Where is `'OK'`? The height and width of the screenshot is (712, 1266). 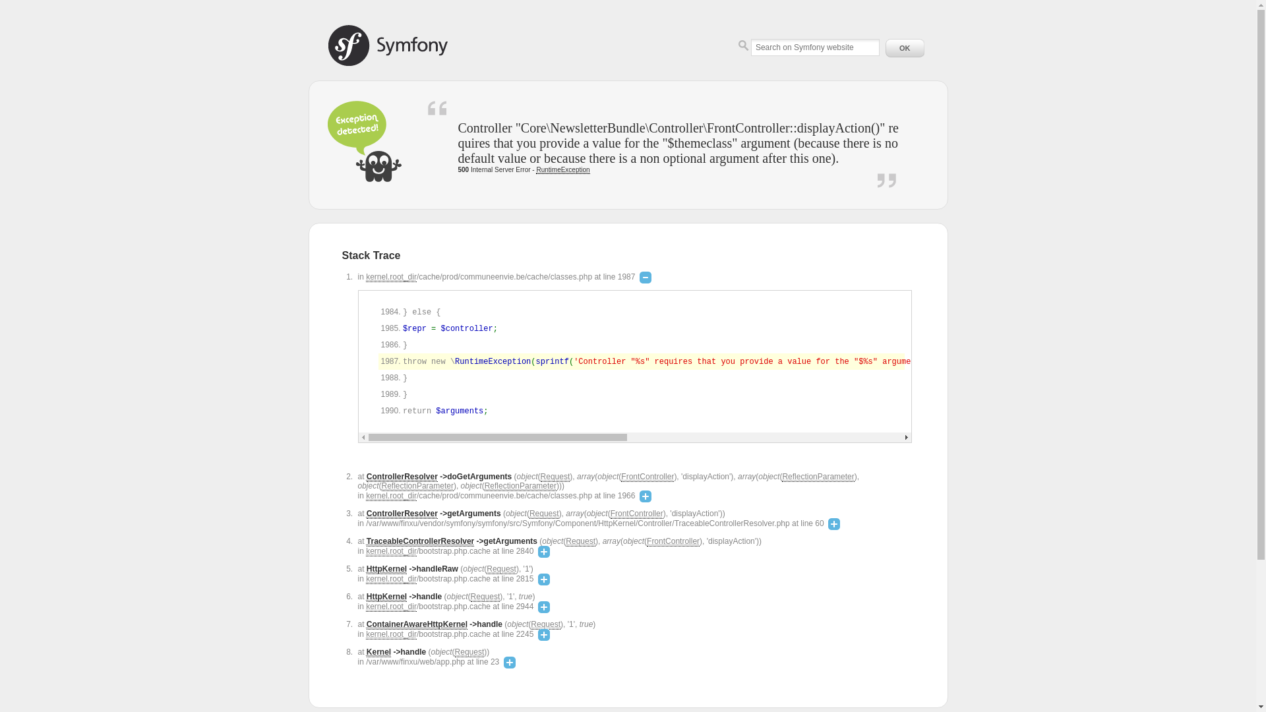 'OK' is located at coordinates (882, 47).